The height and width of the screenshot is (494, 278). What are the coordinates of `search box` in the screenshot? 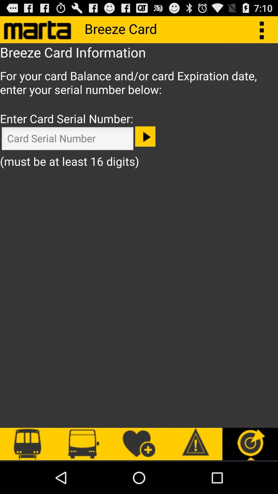 It's located at (67, 140).